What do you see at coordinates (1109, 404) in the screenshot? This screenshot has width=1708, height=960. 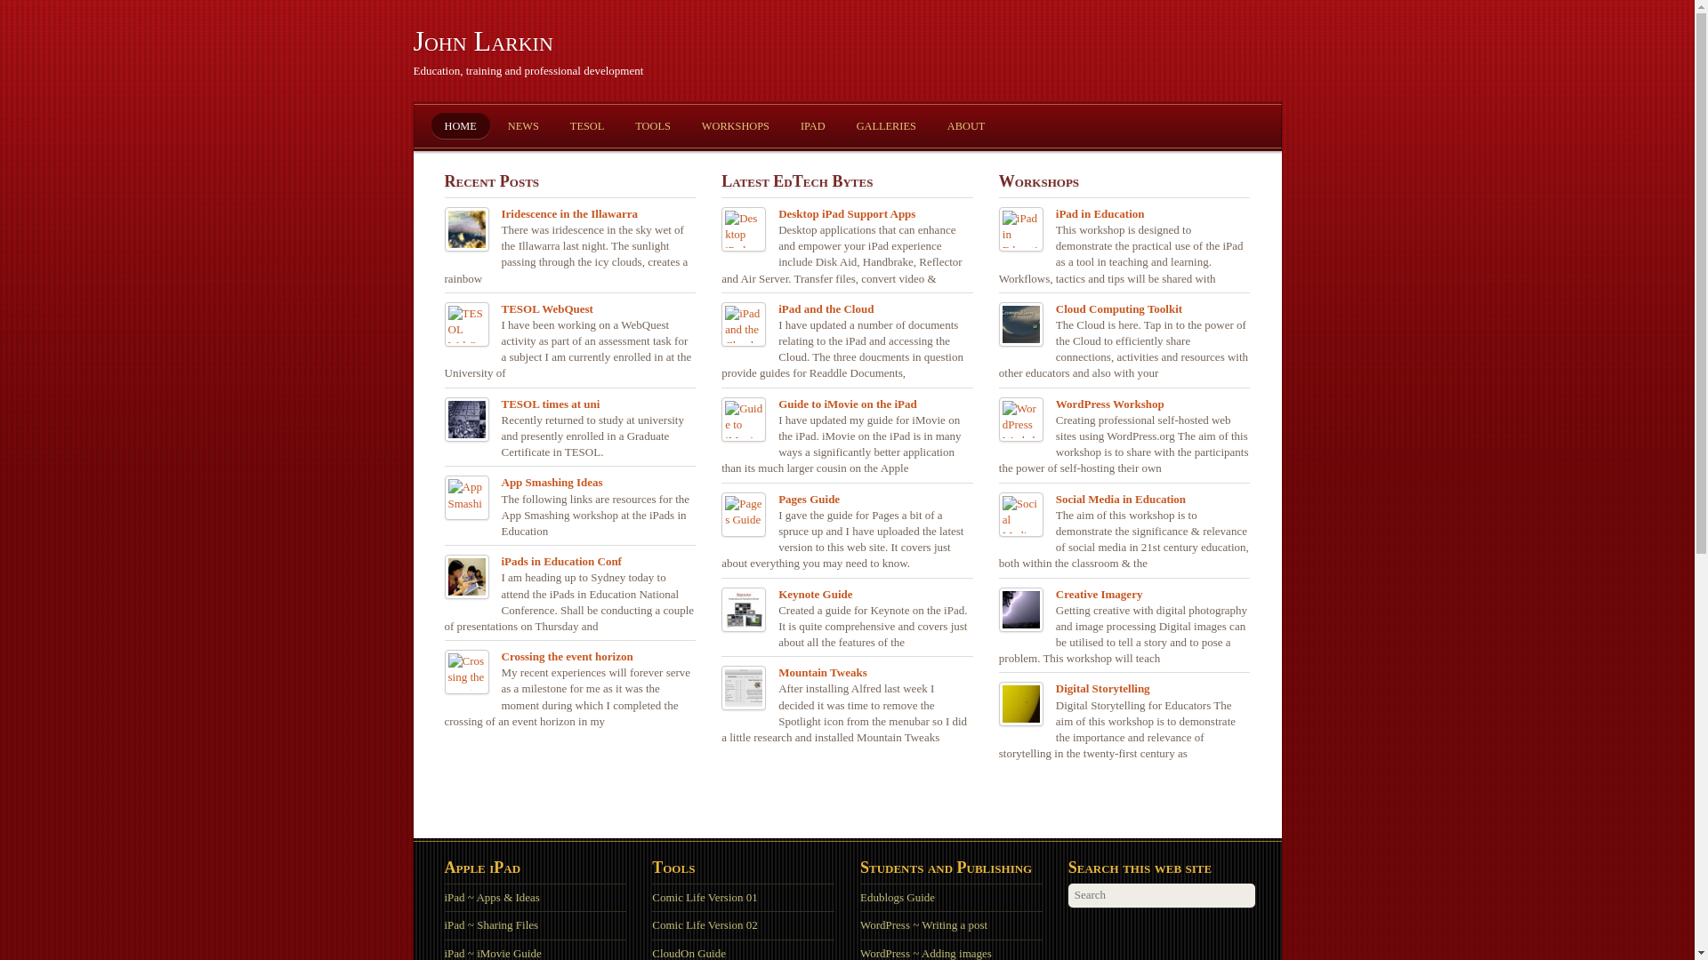 I see `'WordPress Workshop'` at bounding box center [1109, 404].